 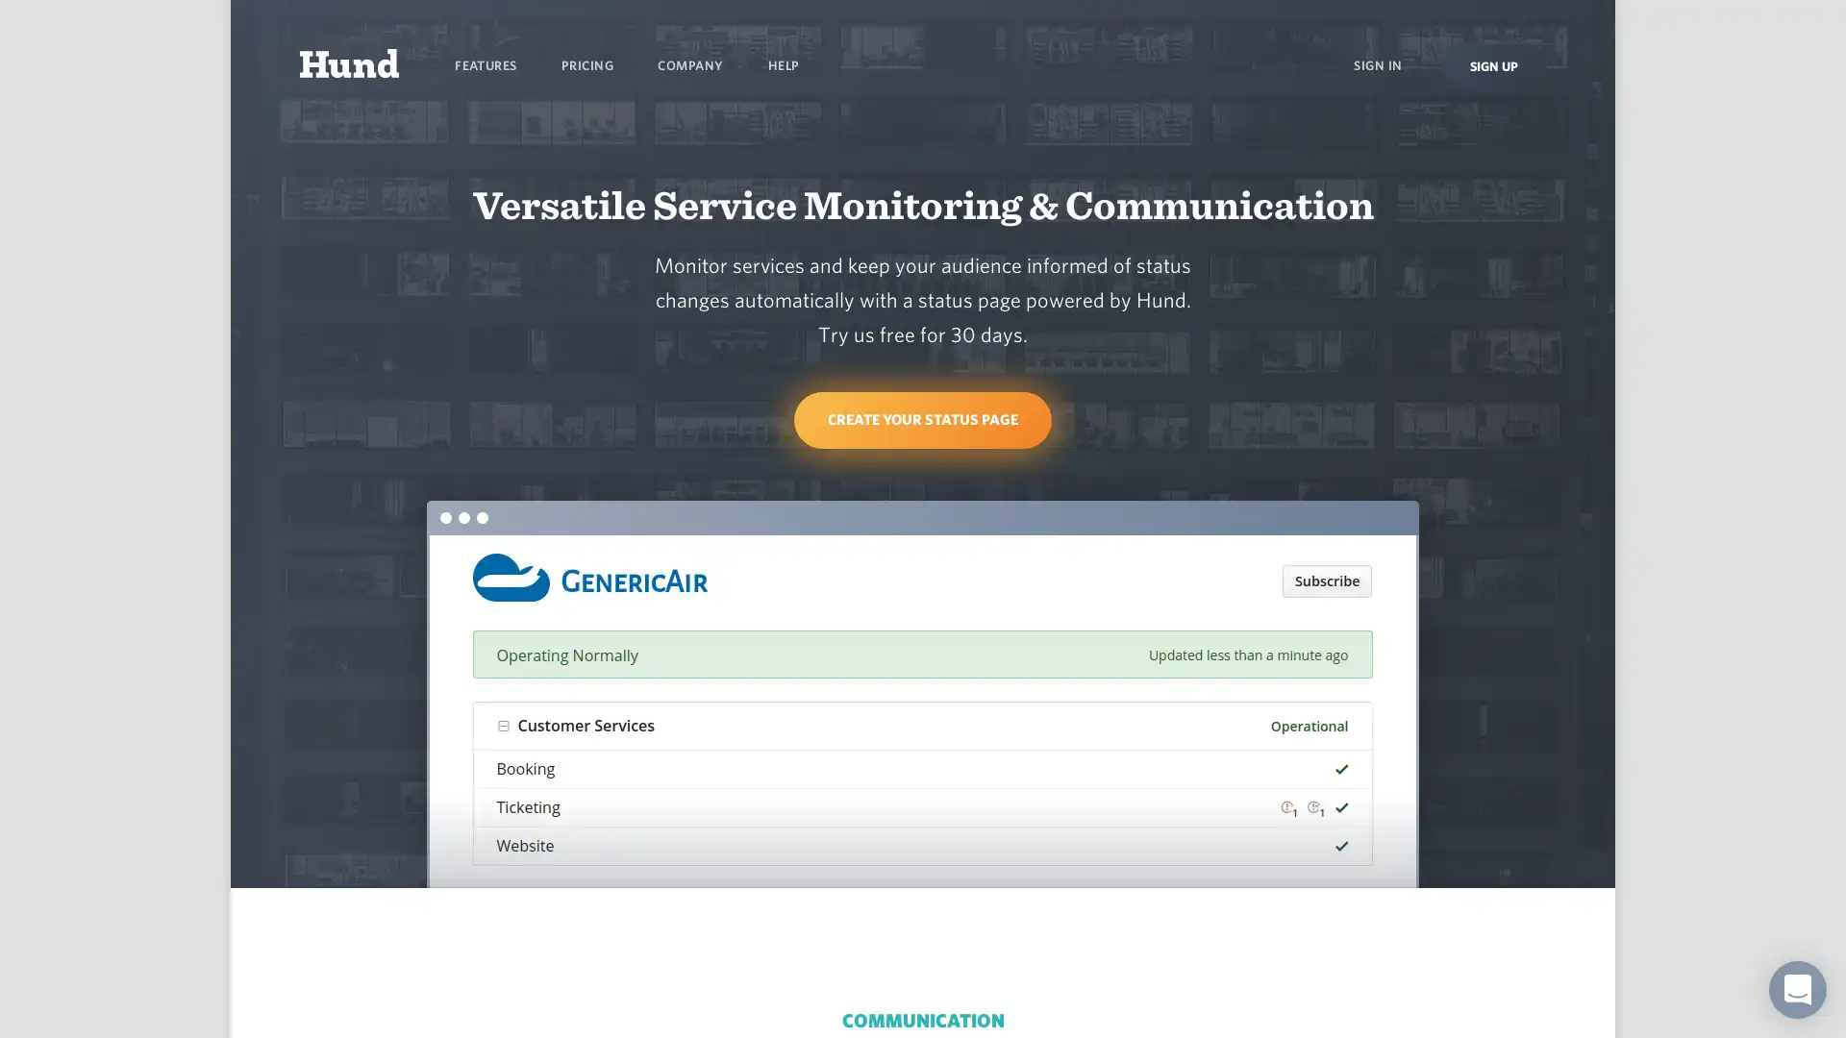 What do you see at coordinates (1797, 989) in the screenshot?
I see `Open Intercom Messenger` at bounding box center [1797, 989].